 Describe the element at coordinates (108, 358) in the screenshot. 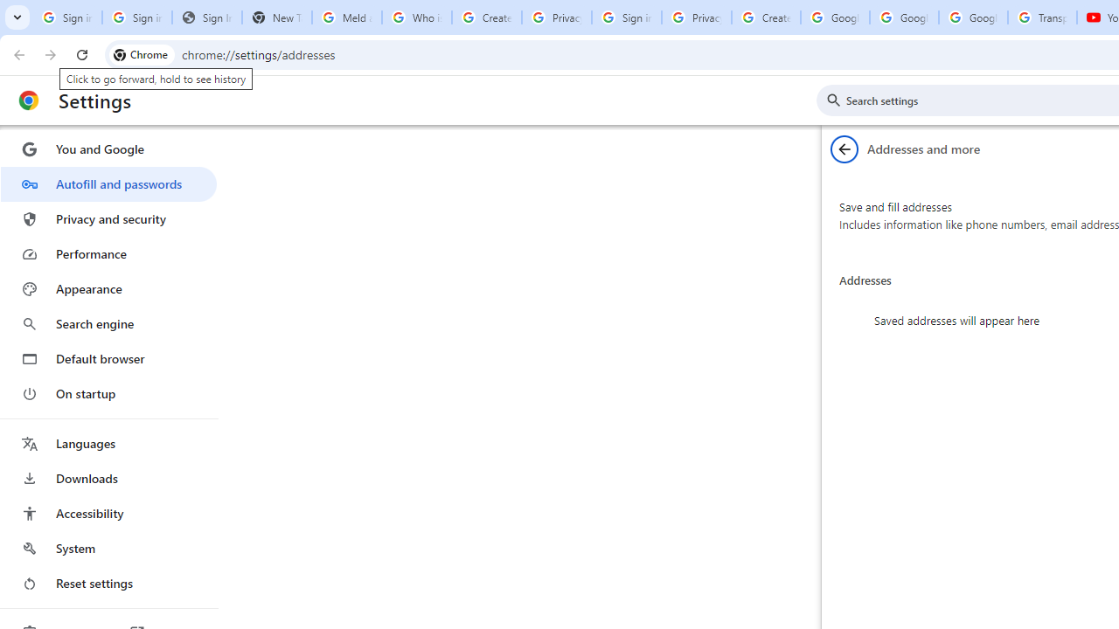

I see `'Default browser'` at that location.